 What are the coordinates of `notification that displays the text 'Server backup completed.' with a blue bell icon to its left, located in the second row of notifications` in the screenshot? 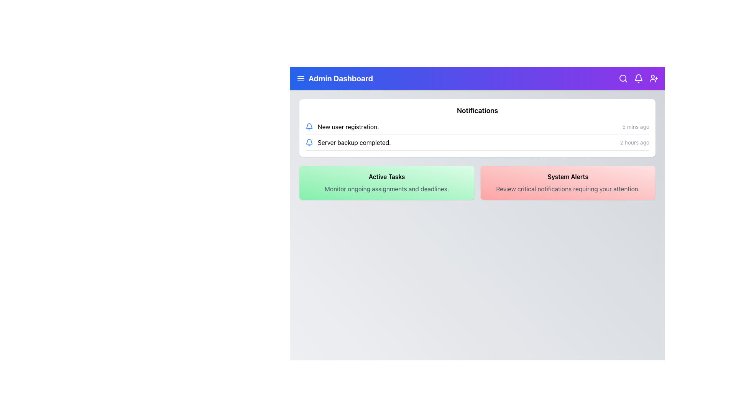 It's located at (348, 142).